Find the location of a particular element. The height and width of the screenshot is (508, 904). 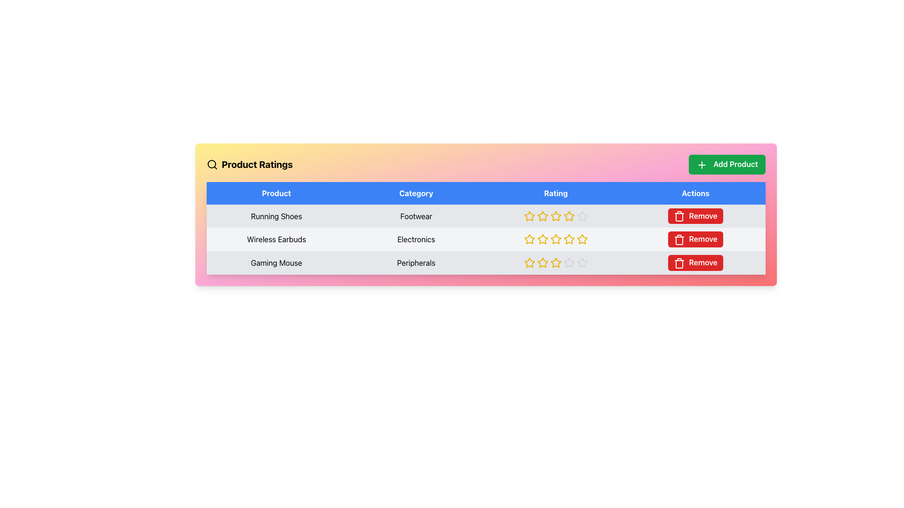

the third yellow star icon in the Rating column for Wireless Earbuds to give a rating is located at coordinates (556, 239).